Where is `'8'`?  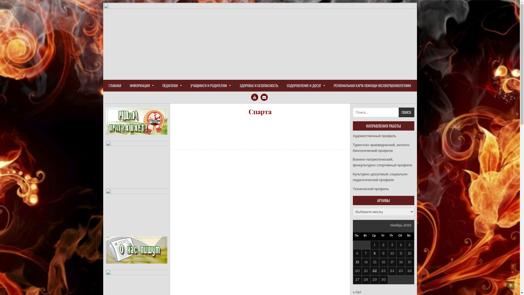
'8' is located at coordinates (373, 253).